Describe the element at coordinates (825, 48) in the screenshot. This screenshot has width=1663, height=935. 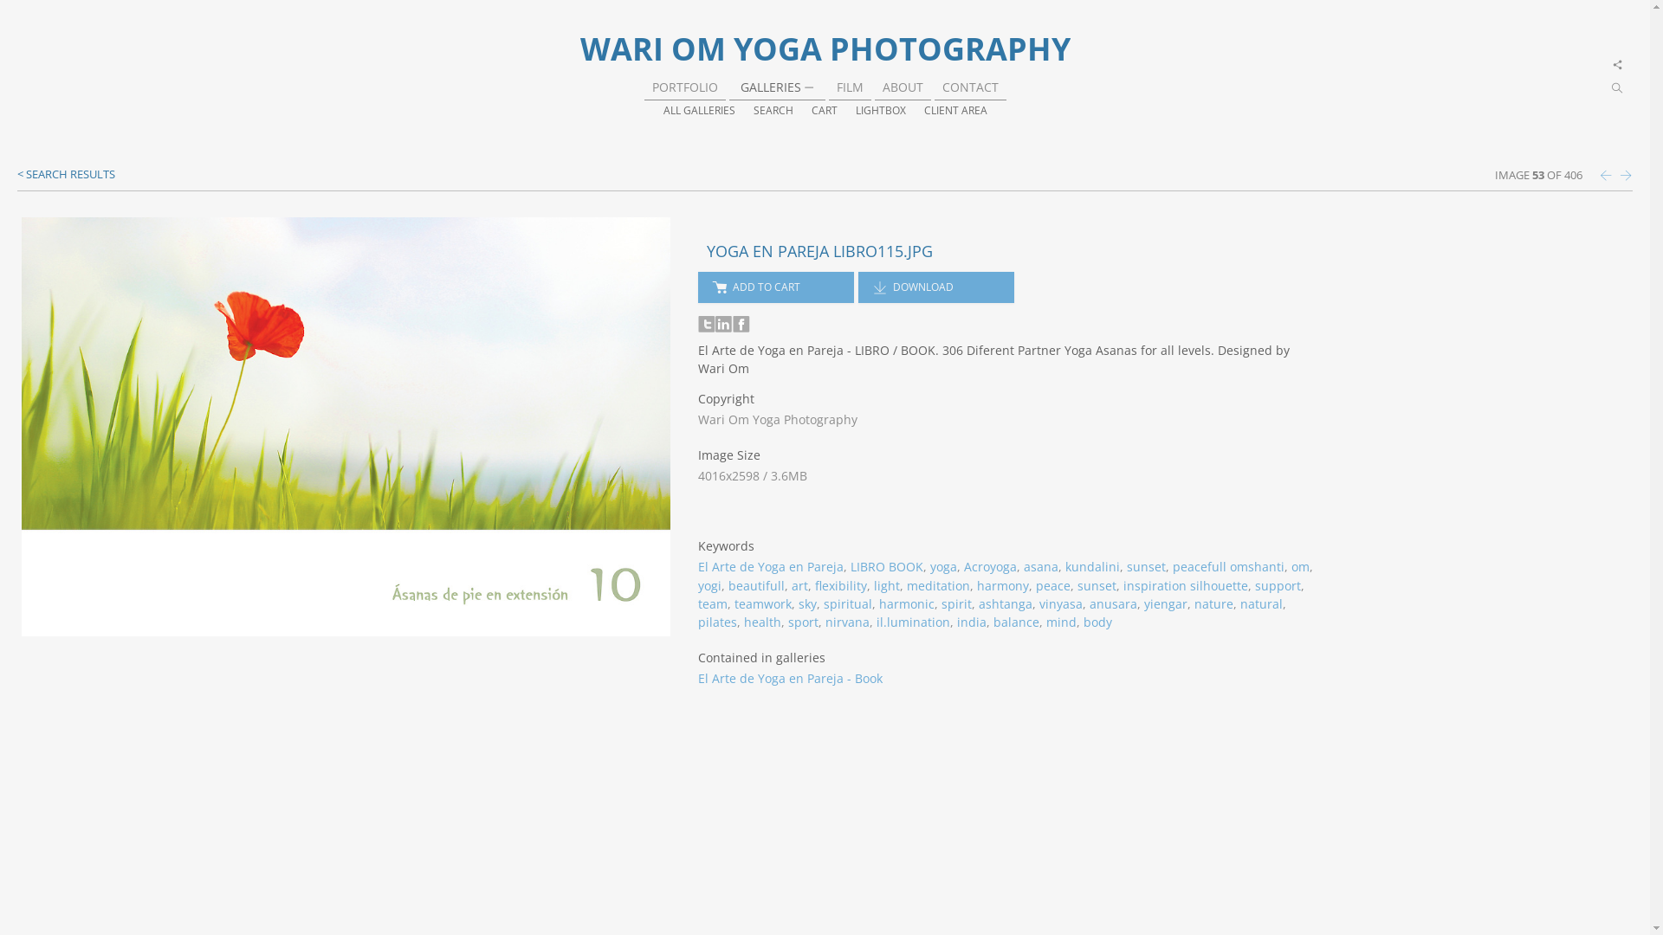
I see `'WARI OM YOGA PHOTOGRAPHY'` at that location.